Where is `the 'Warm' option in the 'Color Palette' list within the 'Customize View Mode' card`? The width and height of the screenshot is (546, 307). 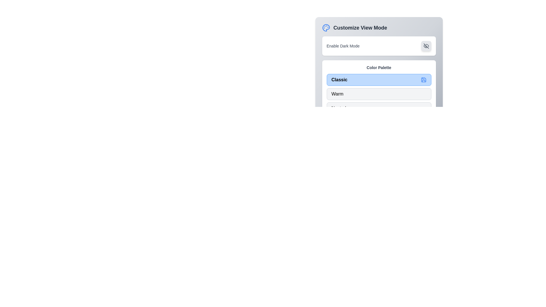 the 'Warm' option in the 'Color Palette' list within the 'Customize View Mode' card is located at coordinates (379, 96).